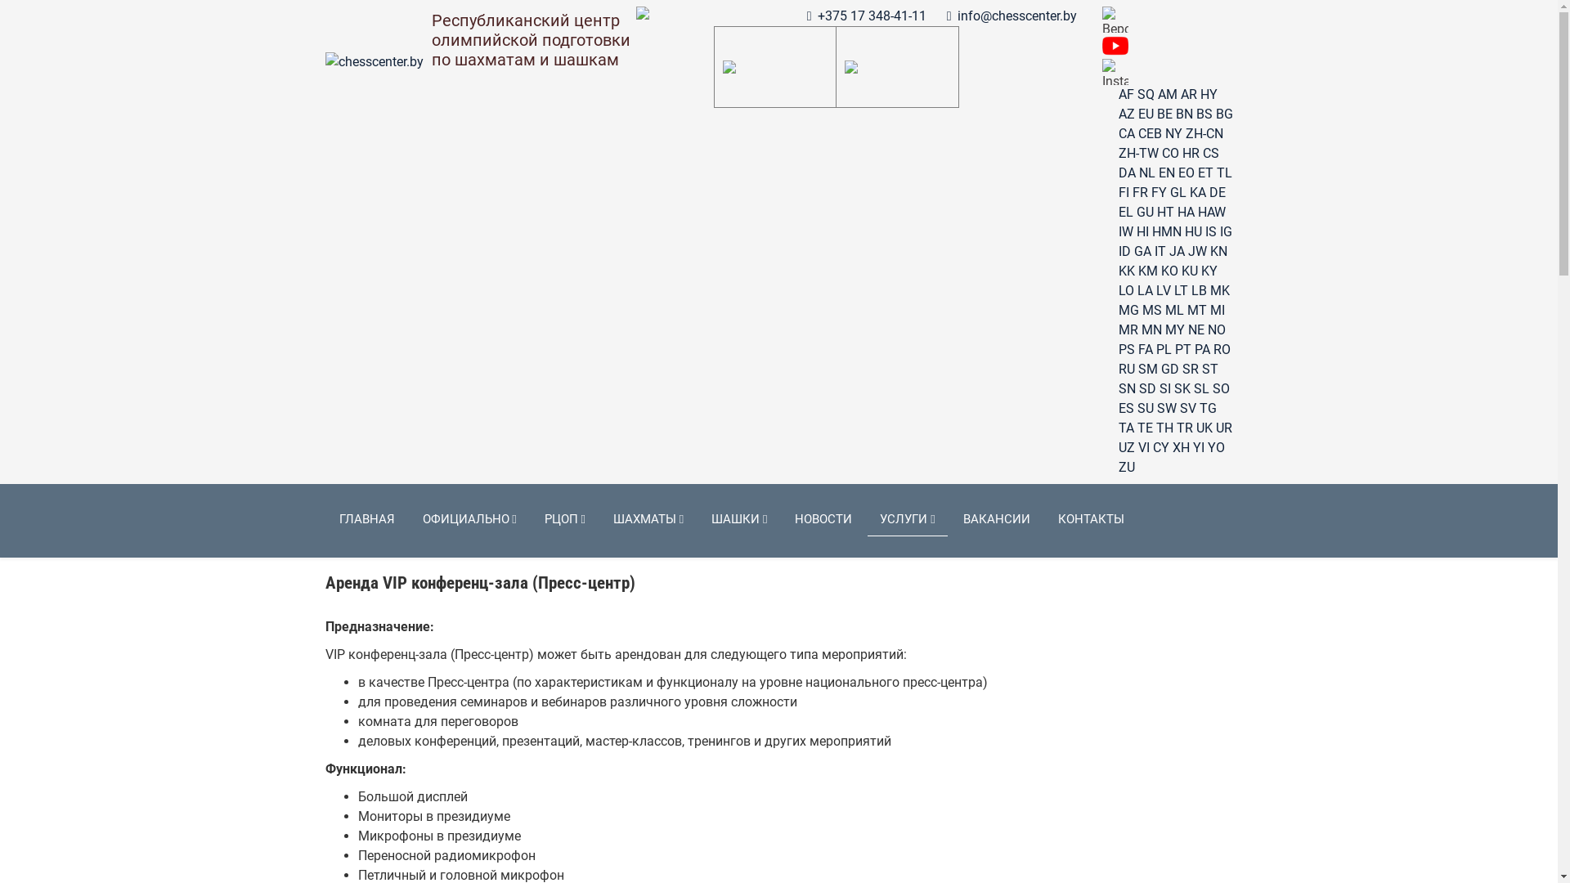  Describe the element at coordinates (1164, 173) in the screenshot. I see `'EN'` at that location.